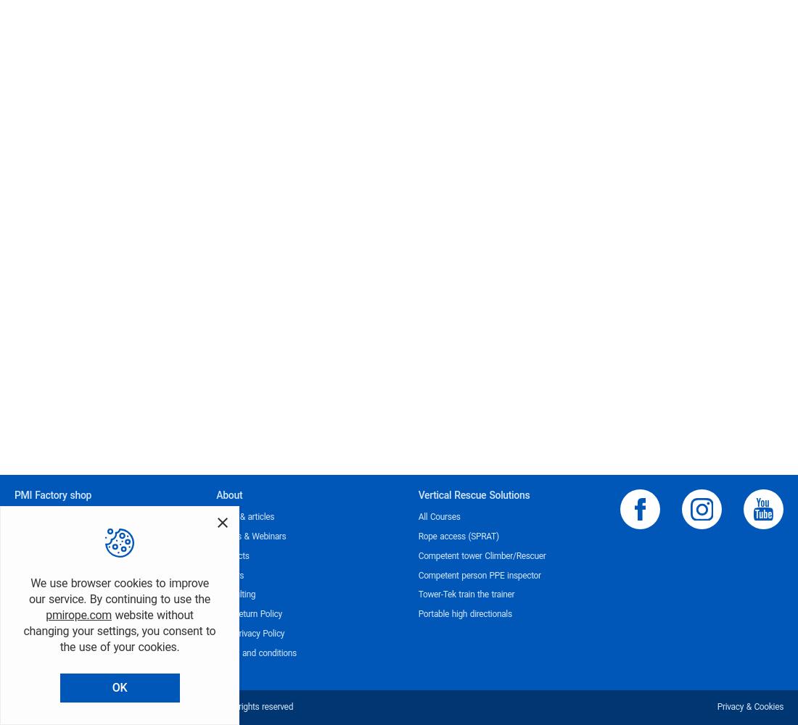  What do you see at coordinates (235, 594) in the screenshot?
I see `'Consulting'` at bounding box center [235, 594].